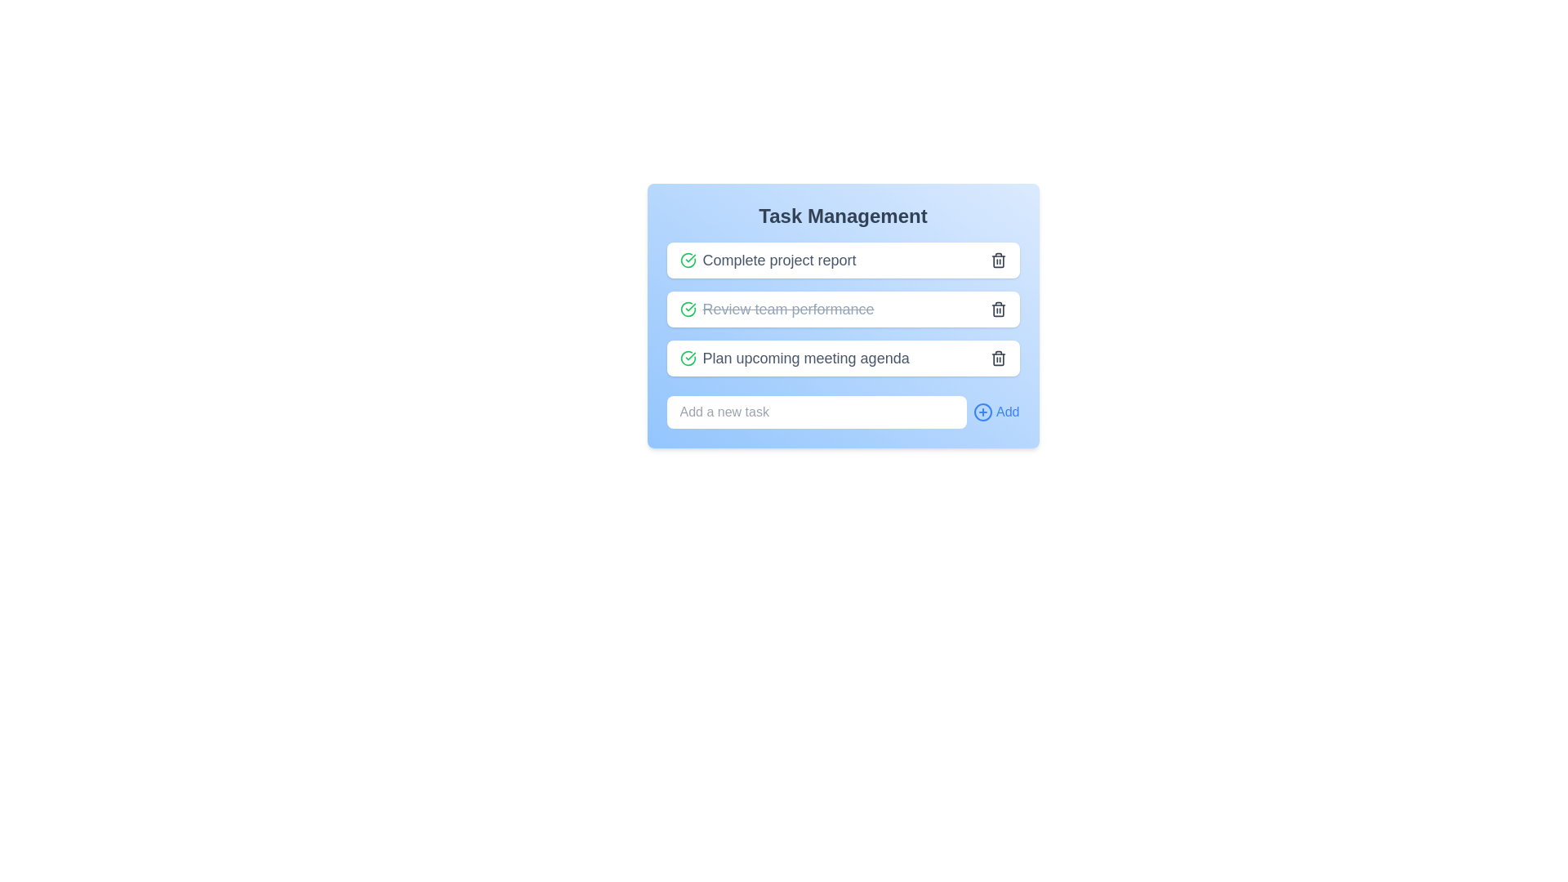 This screenshot has height=882, width=1568. I want to click on the clickable icon button located to the left of the text 'Complete project report' in the first task entry of the vertical list, so click(688, 260).